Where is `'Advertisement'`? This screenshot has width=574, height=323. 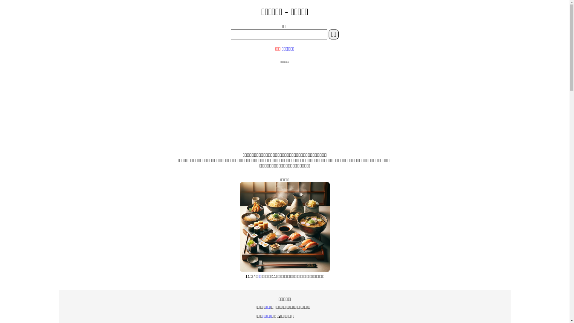
'Advertisement' is located at coordinates (284, 106).